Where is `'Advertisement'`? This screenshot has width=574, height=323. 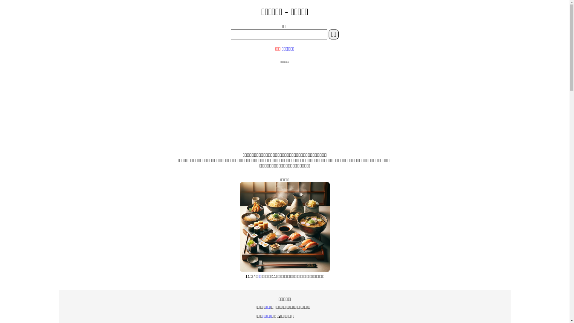
'Advertisement' is located at coordinates (284, 106).